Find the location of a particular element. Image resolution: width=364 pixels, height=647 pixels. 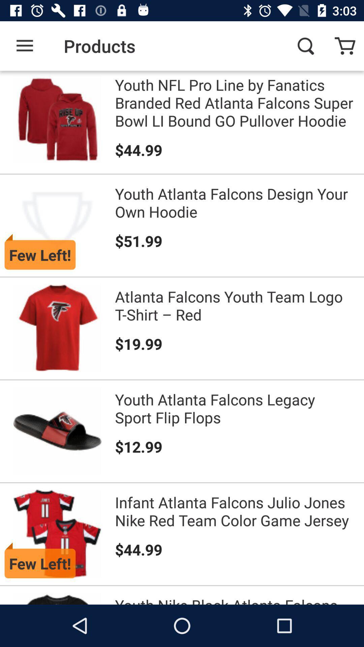

item to the left of the products item is located at coordinates (24, 45).